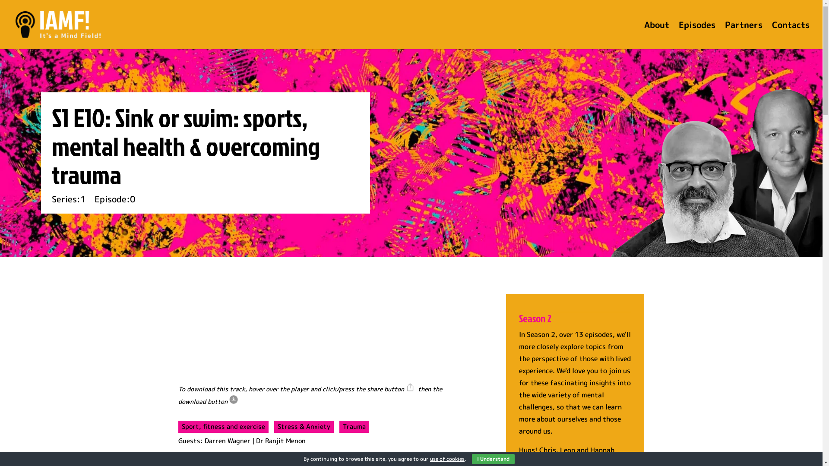  What do you see at coordinates (223, 426) in the screenshot?
I see `'Sport, fitness and exercise'` at bounding box center [223, 426].